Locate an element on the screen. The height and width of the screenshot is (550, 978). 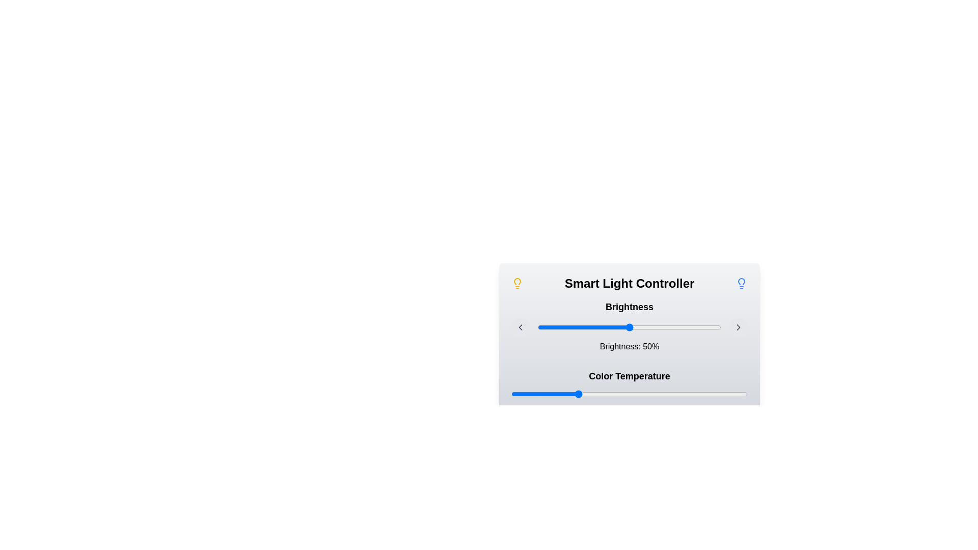
color temperature is located at coordinates (612, 394).